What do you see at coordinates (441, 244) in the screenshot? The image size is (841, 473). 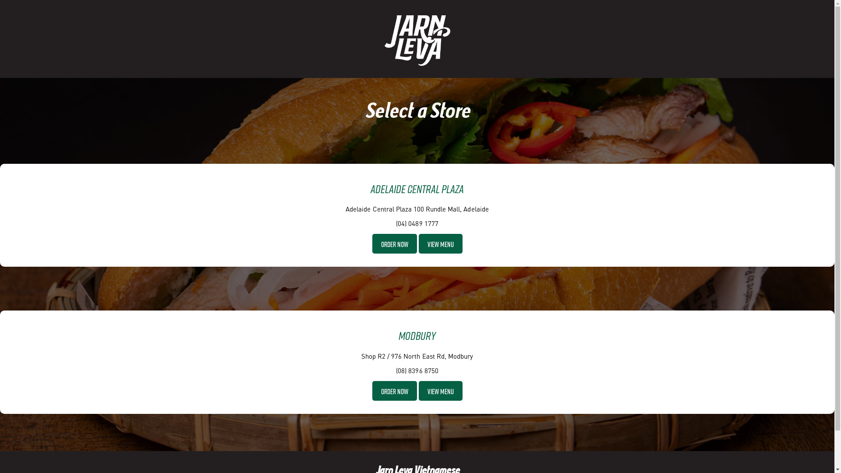 I see `'VIEW MENU'` at bounding box center [441, 244].